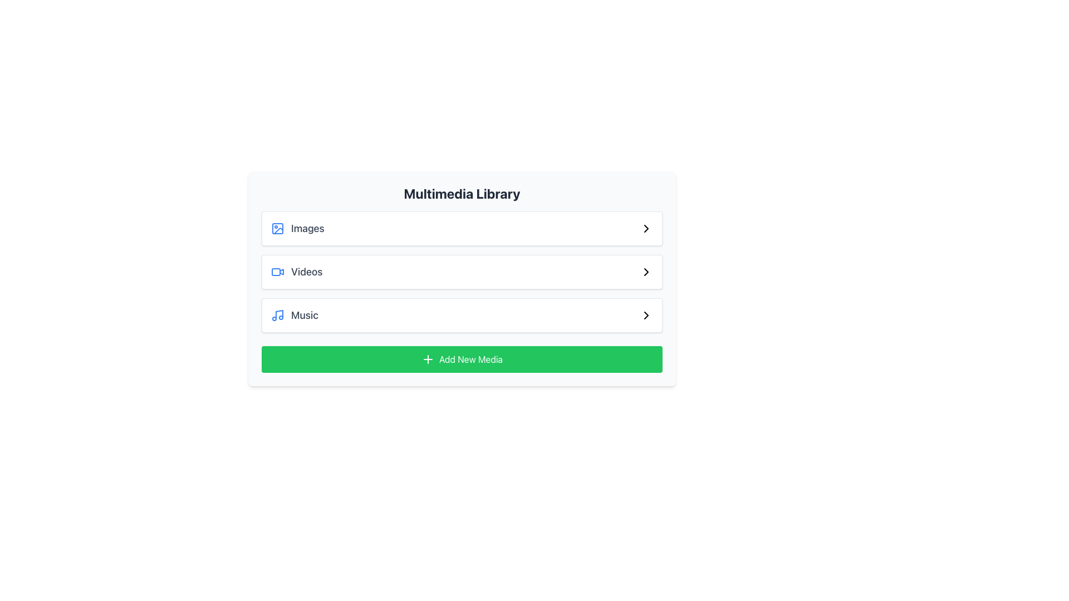 The height and width of the screenshot is (601, 1069). Describe the element at coordinates (462, 193) in the screenshot. I see `the Text Label indicating 'Multimedia Library', which serves as the title for the content section` at that location.